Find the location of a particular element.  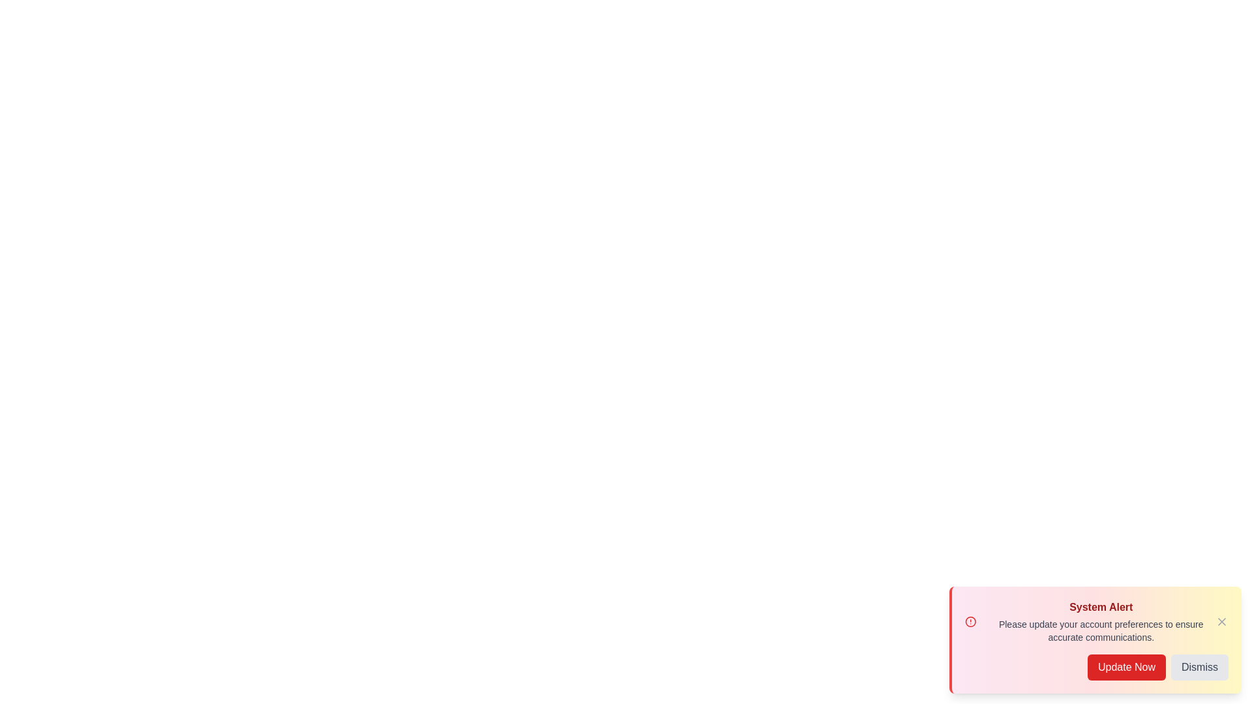

the 'X' icon to close the alert is located at coordinates (1221, 621).